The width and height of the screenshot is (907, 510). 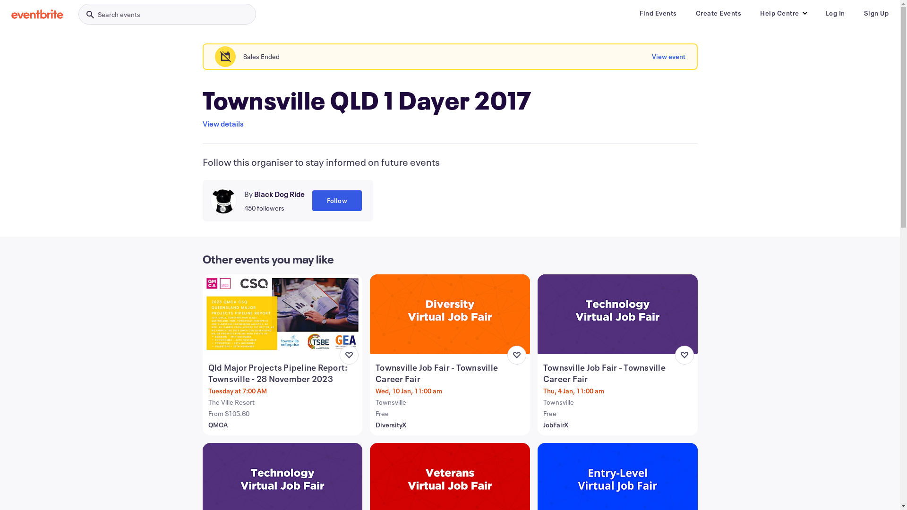 I want to click on 'Follow', so click(x=336, y=200).